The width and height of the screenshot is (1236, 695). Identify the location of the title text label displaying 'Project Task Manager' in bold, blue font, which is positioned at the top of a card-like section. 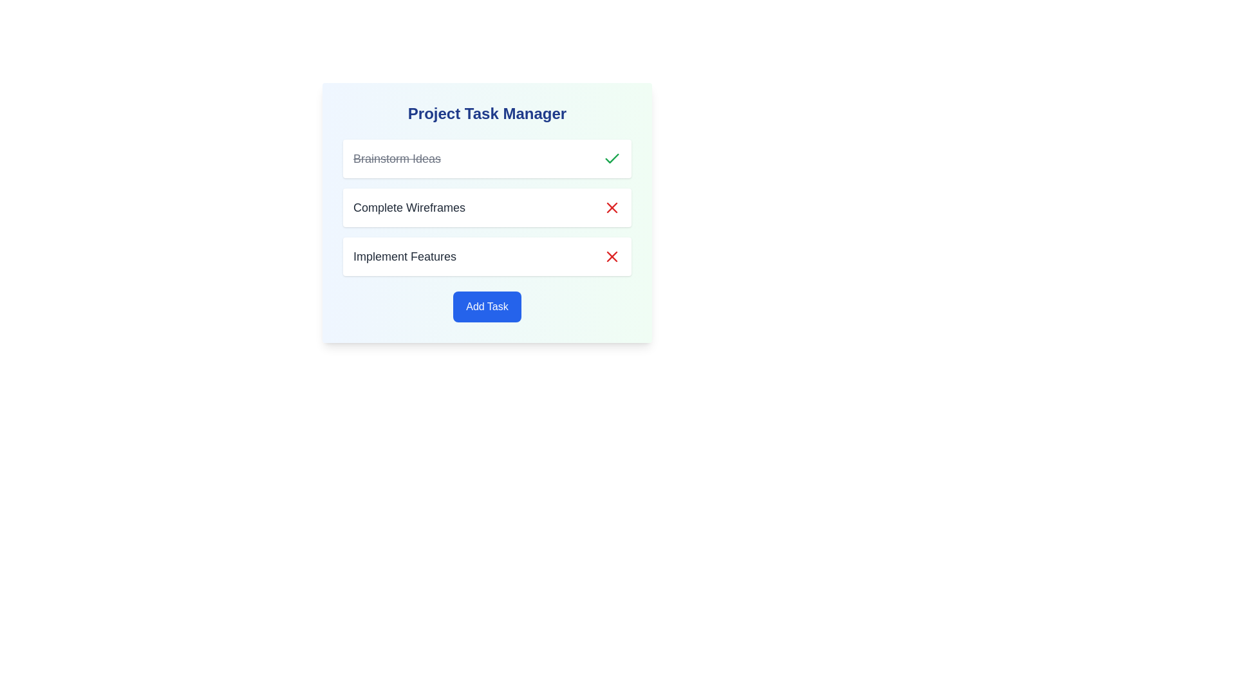
(487, 113).